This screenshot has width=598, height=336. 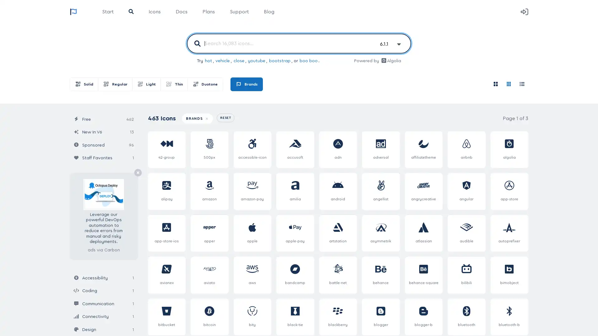 I want to click on adversal, so click(x=380, y=154).